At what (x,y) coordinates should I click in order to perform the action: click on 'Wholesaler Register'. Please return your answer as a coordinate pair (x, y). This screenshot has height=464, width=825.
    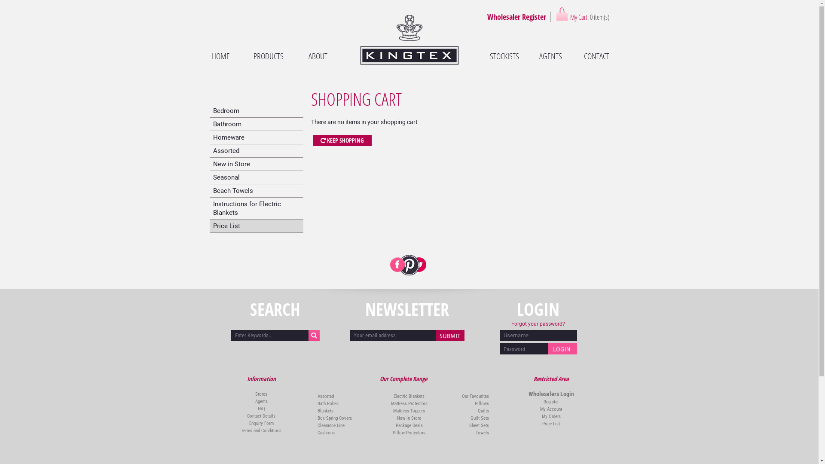
    Looking at the image, I should click on (516, 16).